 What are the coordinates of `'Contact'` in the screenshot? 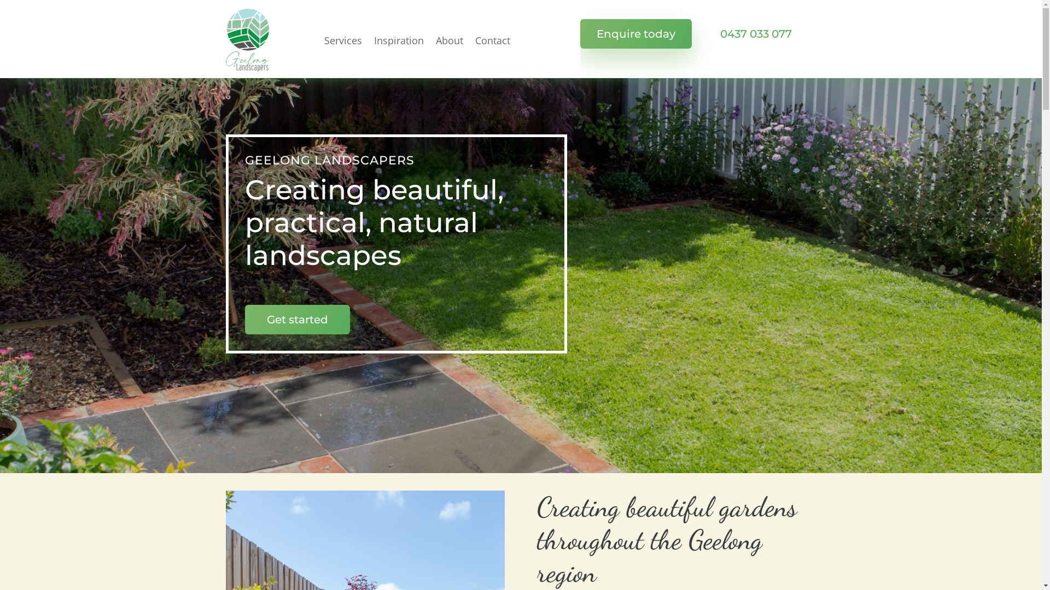 It's located at (492, 39).